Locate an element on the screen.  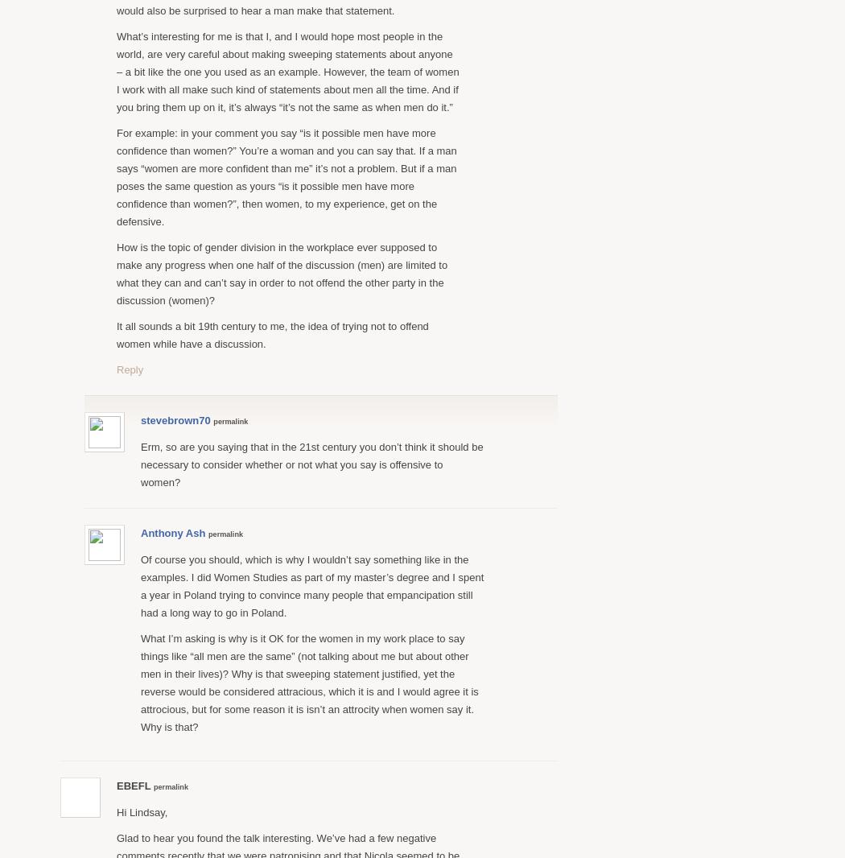
'Of course you should, which is why I wouldn’t say something like in the examples. I did Women Studies as part of my master’s degree and I spent a year in Poland trying to convince many people that empancipation still had a long way to go in Poland.' is located at coordinates (311, 584).